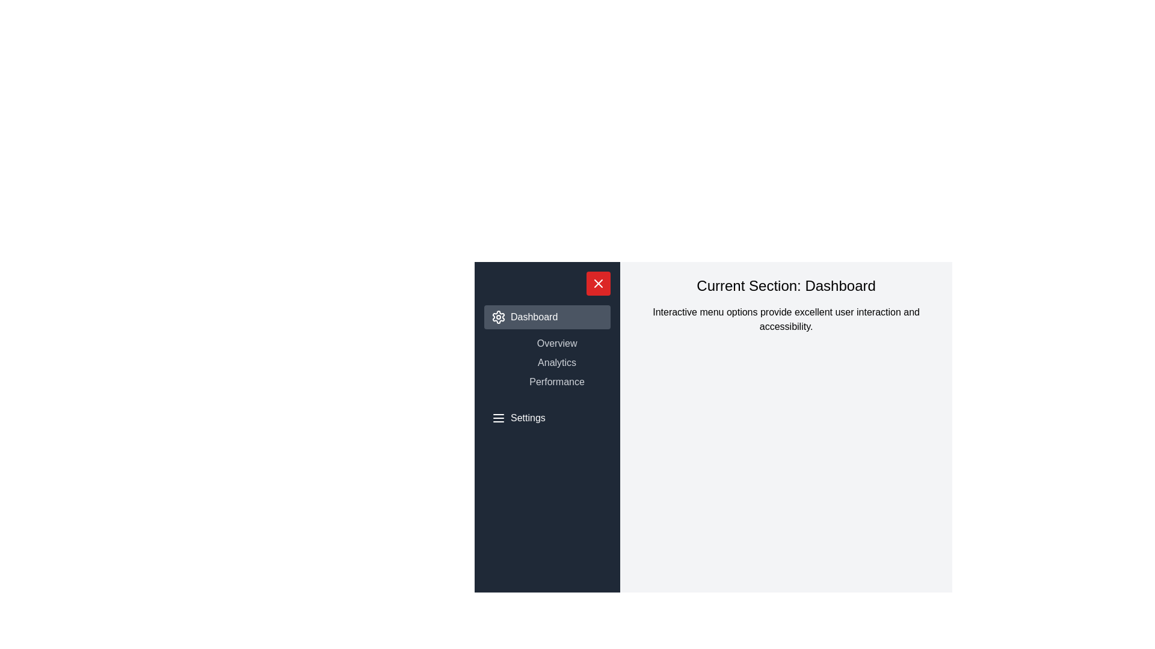 This screenshot has height=649, width=1155. I want to click on the 'Overview' entry in the vertical text menu located in the sidebar under the 'Dashboard' heading, so click(547, 348).